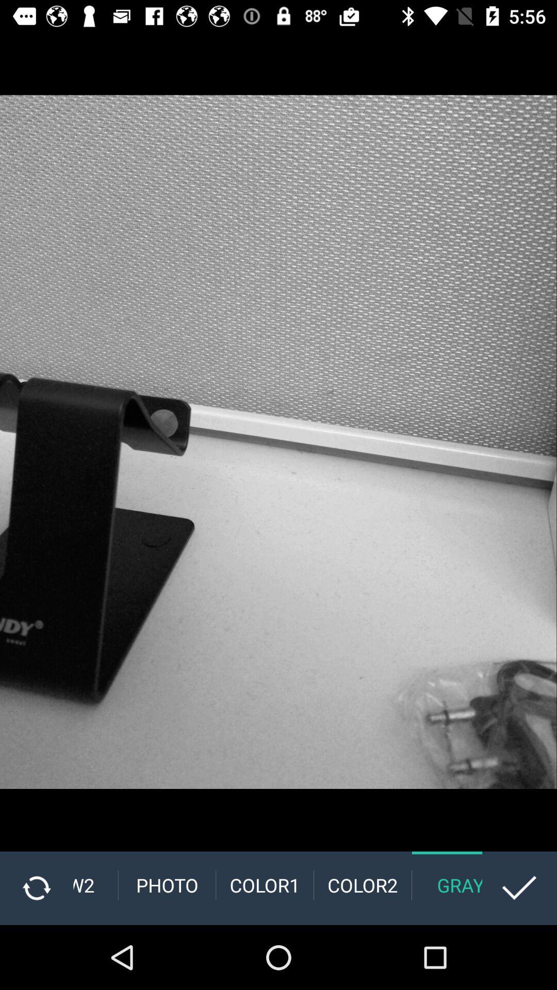 Image resolution: width=557 pixels, height=990 pixels. Describe the element at coordinates (36, 887) in the screenshot. I see `the refresh icon` at that location.